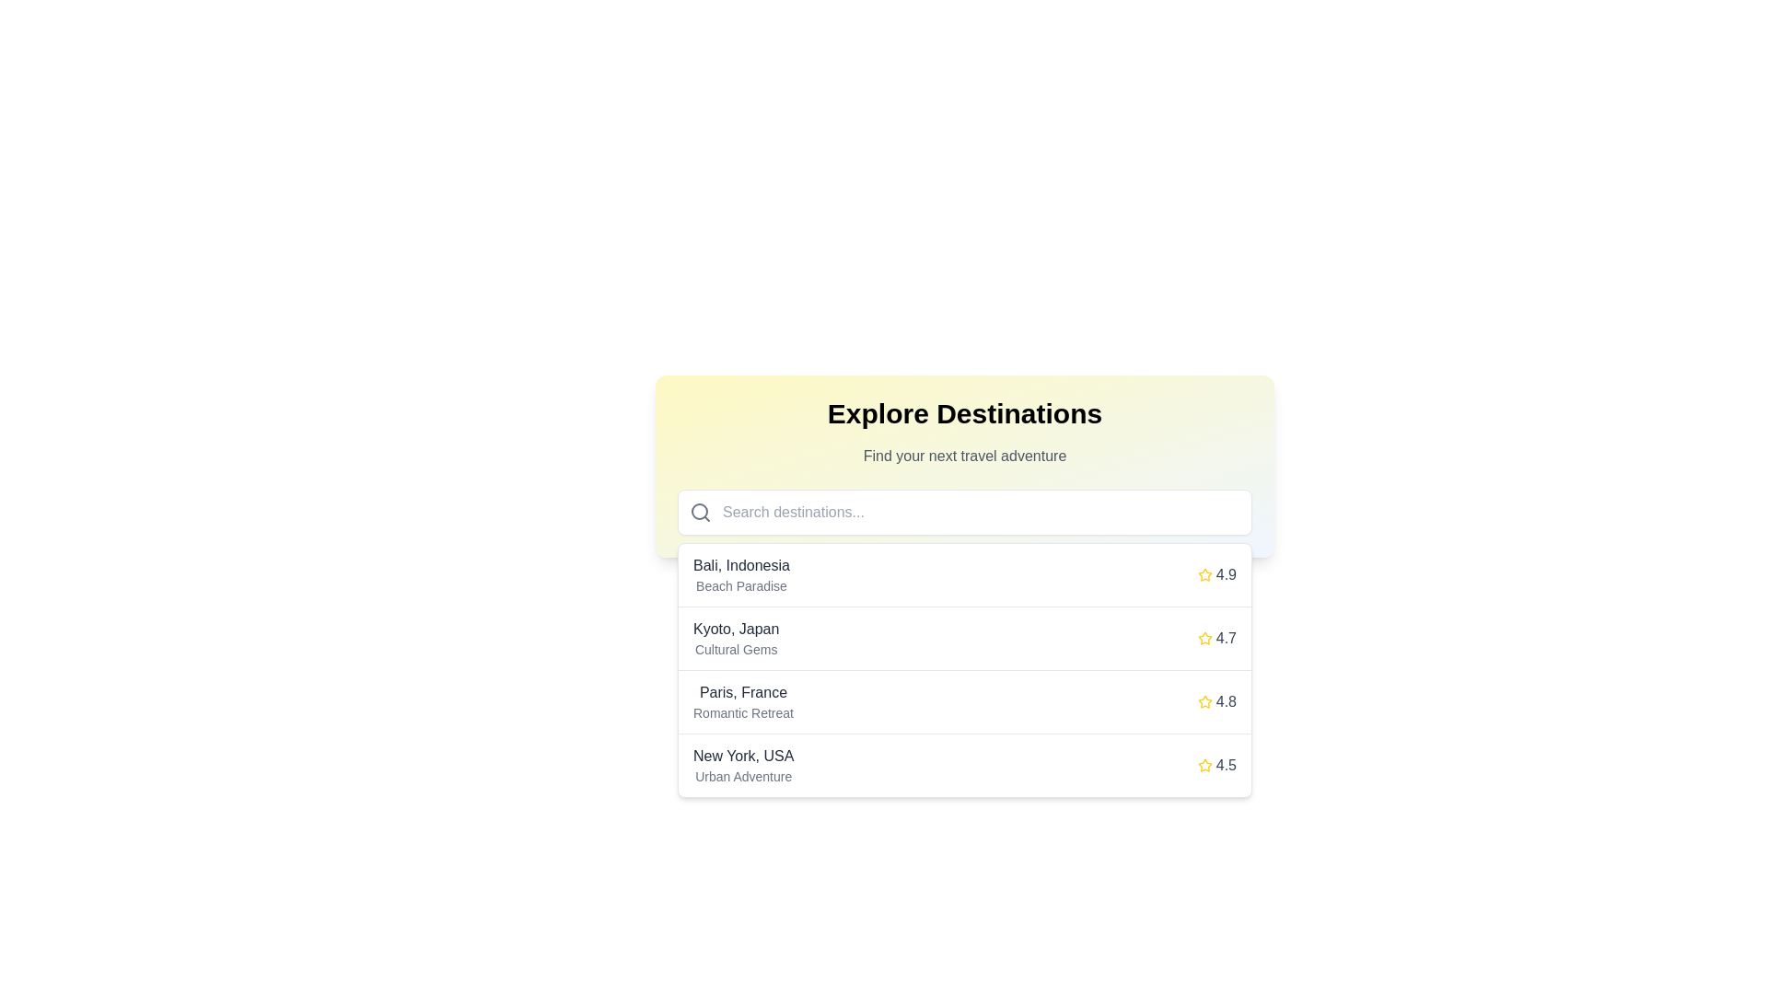 The width and height of the screenshot is (1768, 994). What do you see at coordinates (735, 648) in the screenshot?
I see `text label 'Cultural Gems' which is styled in a small font size and light gray color, positioned below the 'Kyoto, Japan' text in a vertical list view` at bounding box center [735, 648].